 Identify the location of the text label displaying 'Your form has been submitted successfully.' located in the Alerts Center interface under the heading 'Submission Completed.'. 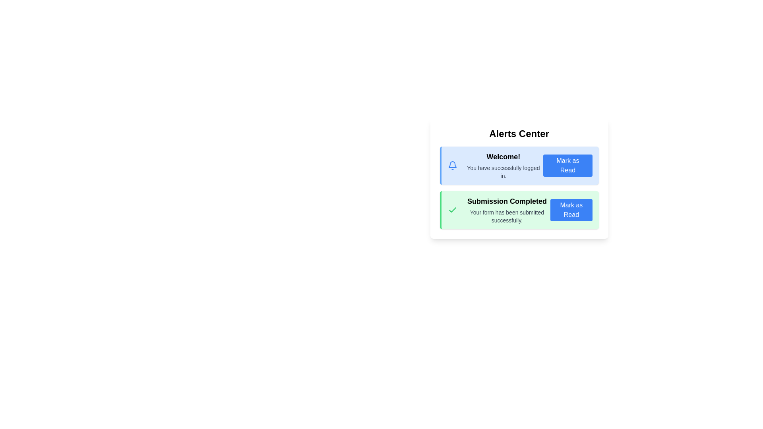
(506, 216).